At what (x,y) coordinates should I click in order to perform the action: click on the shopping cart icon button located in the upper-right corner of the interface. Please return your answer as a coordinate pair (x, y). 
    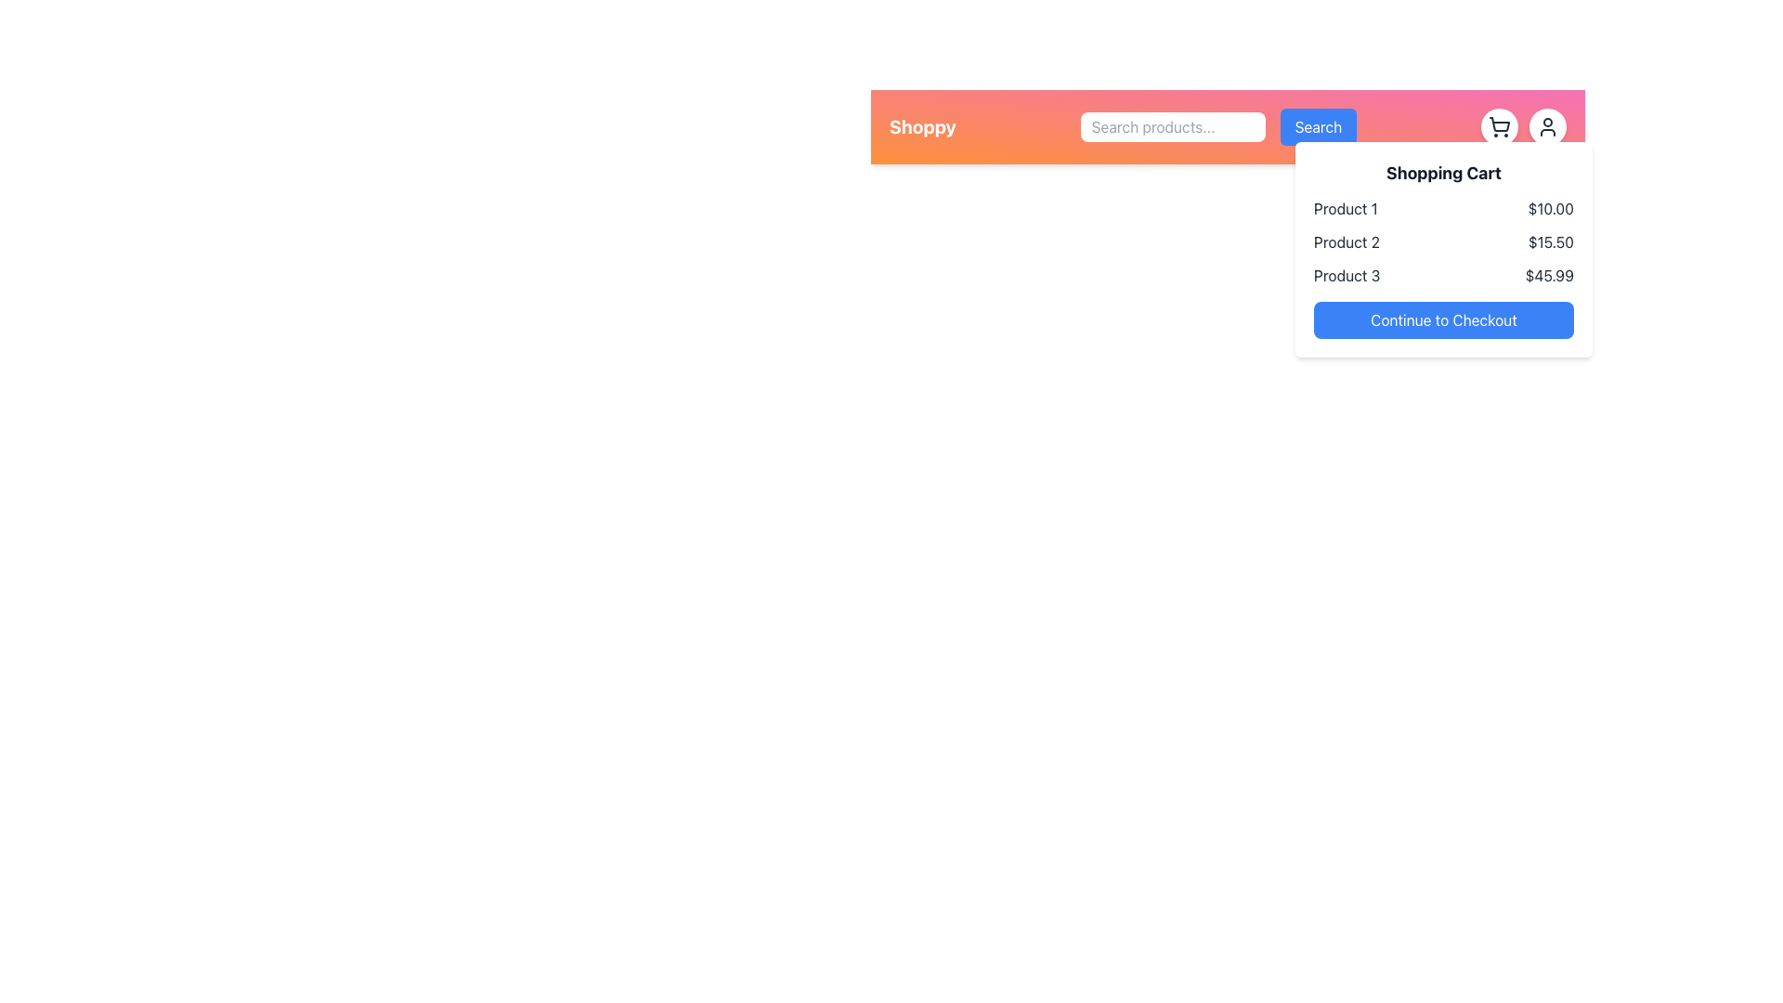
    Looking at the image, I should click on (1499, 126).